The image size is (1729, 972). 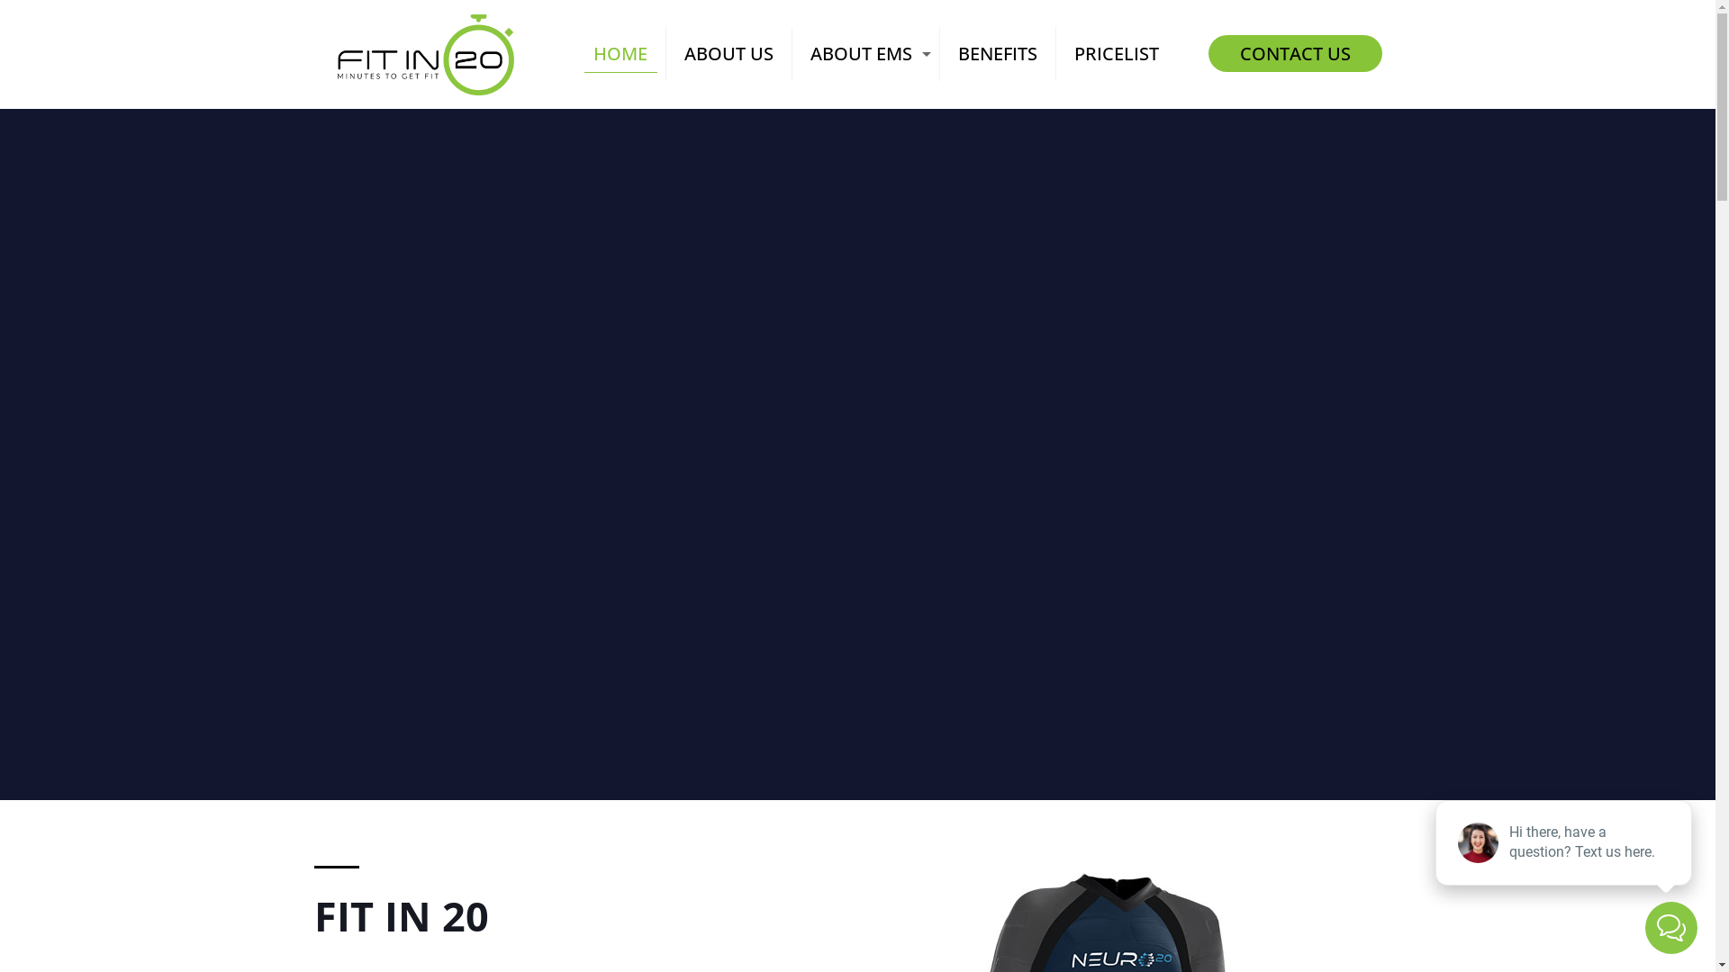 What do you see at coordinates (997, 53) in the screenshot?
I see `'BENEFITS'` at bounding box center [997, 53].